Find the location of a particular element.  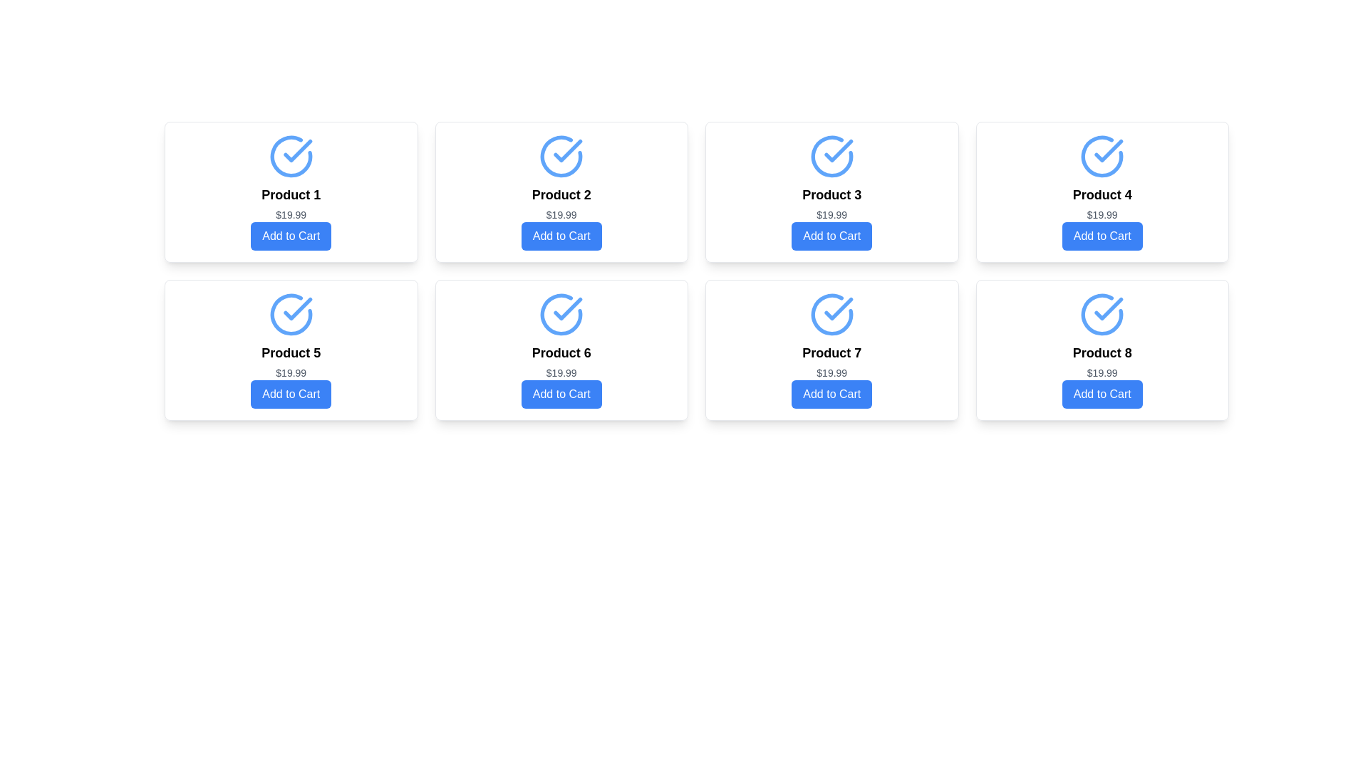

the 'Add to Cart' button located at the bottom of the 'Product 7' card in the fourth column of the second row is located at coordinates (831, 394).